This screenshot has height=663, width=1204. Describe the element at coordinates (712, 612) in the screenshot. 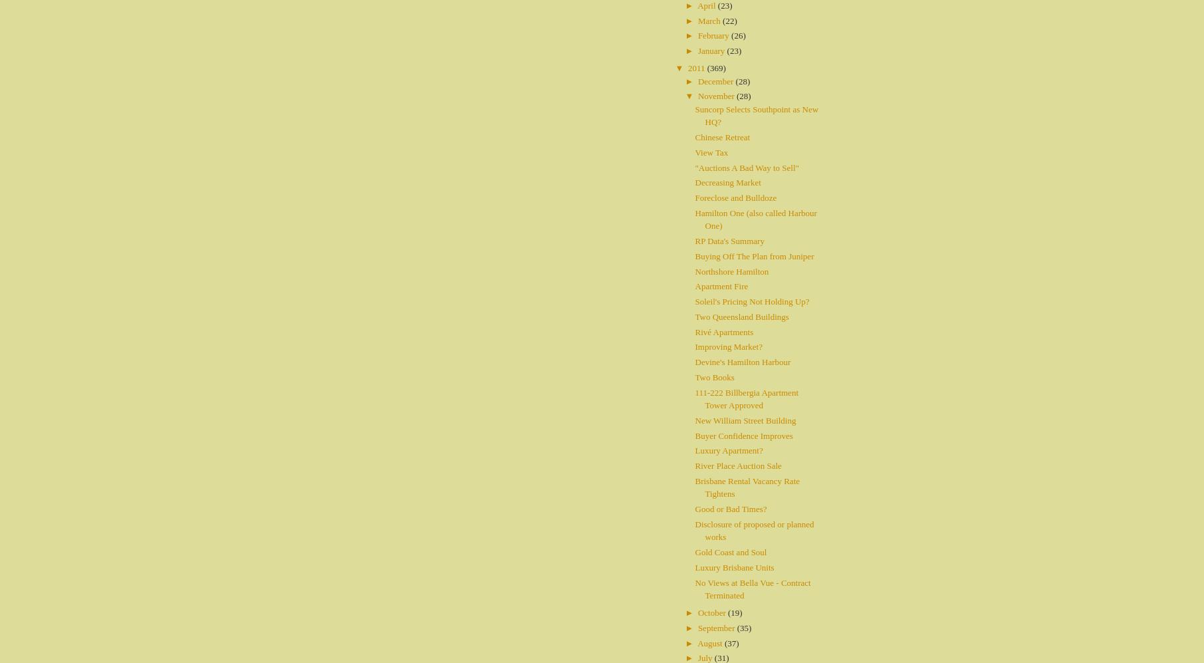

I see `'October'` at that location.